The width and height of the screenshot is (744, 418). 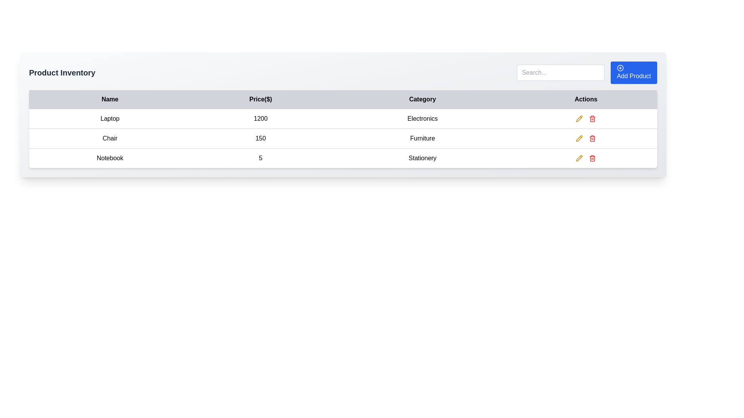 What do you see at coordinates (422, 99) in the screenshot?
I see `the text label reading 'Category', which is the third column header in the table header row, positioned between 'Price($)' and 'Actions'` at bounding box center [422, 99].